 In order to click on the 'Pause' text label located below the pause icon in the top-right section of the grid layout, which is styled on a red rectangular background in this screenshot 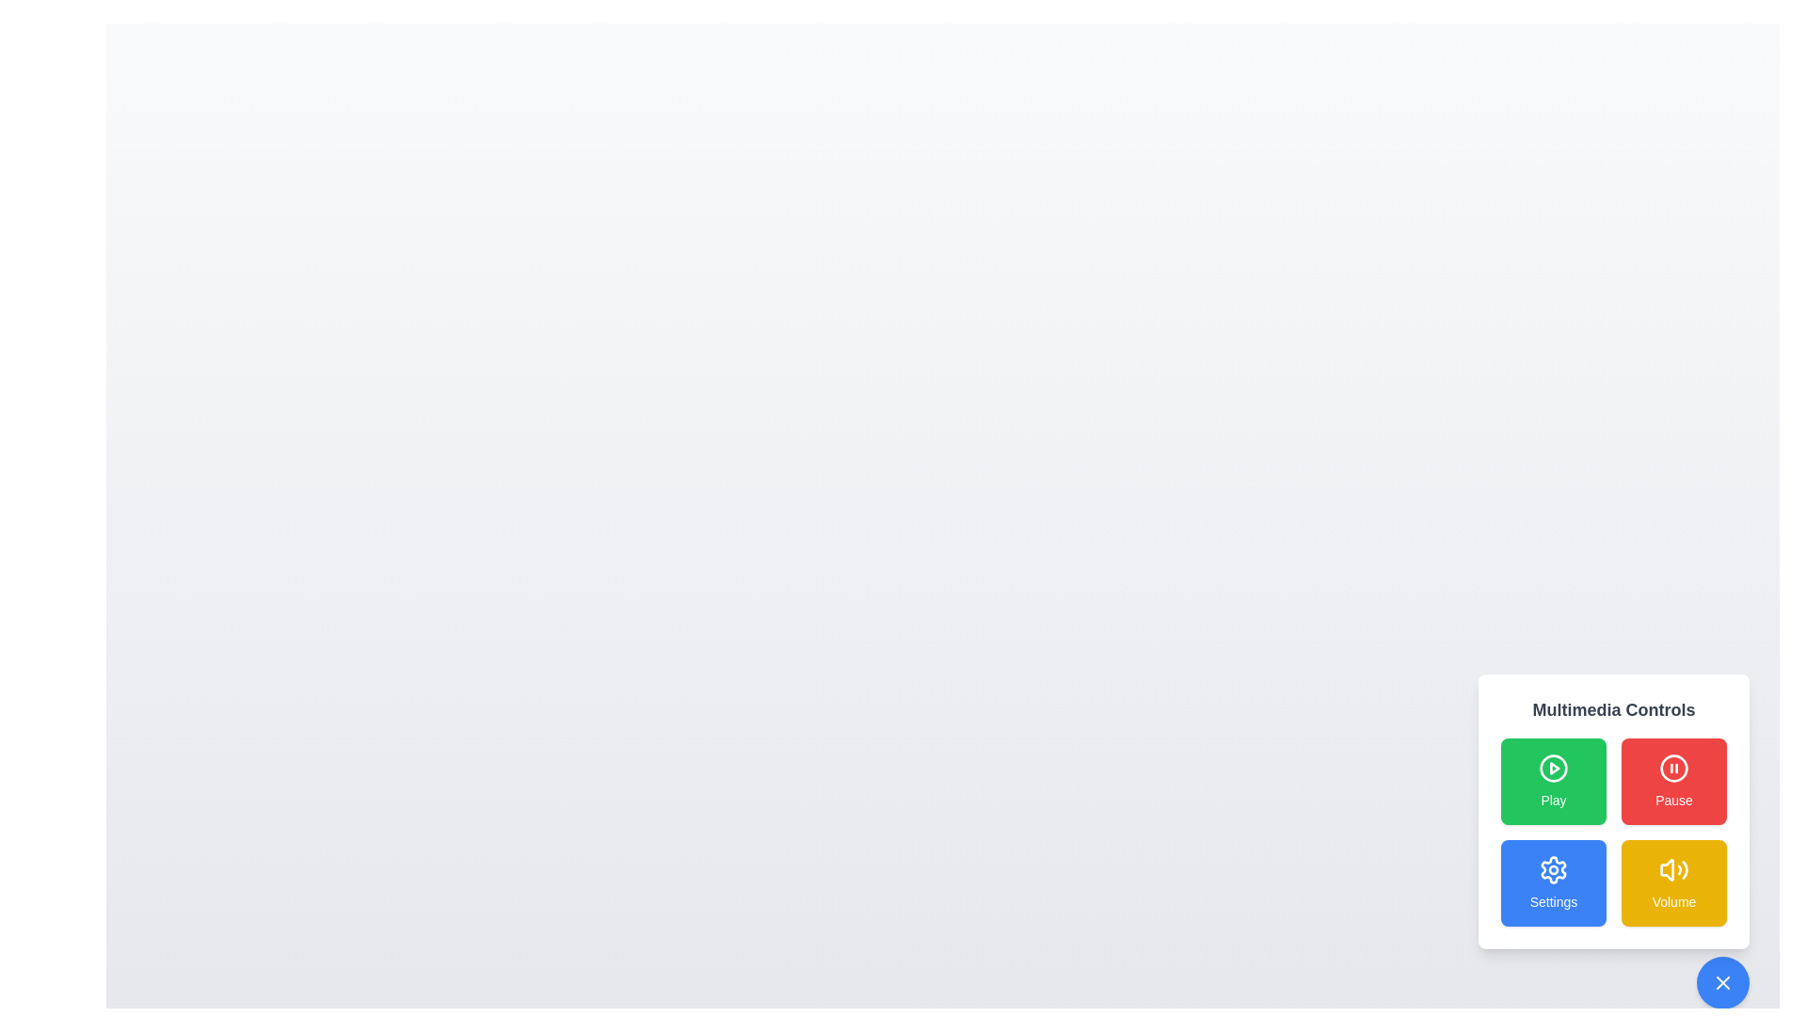, I will do `click(1674, 801)`.